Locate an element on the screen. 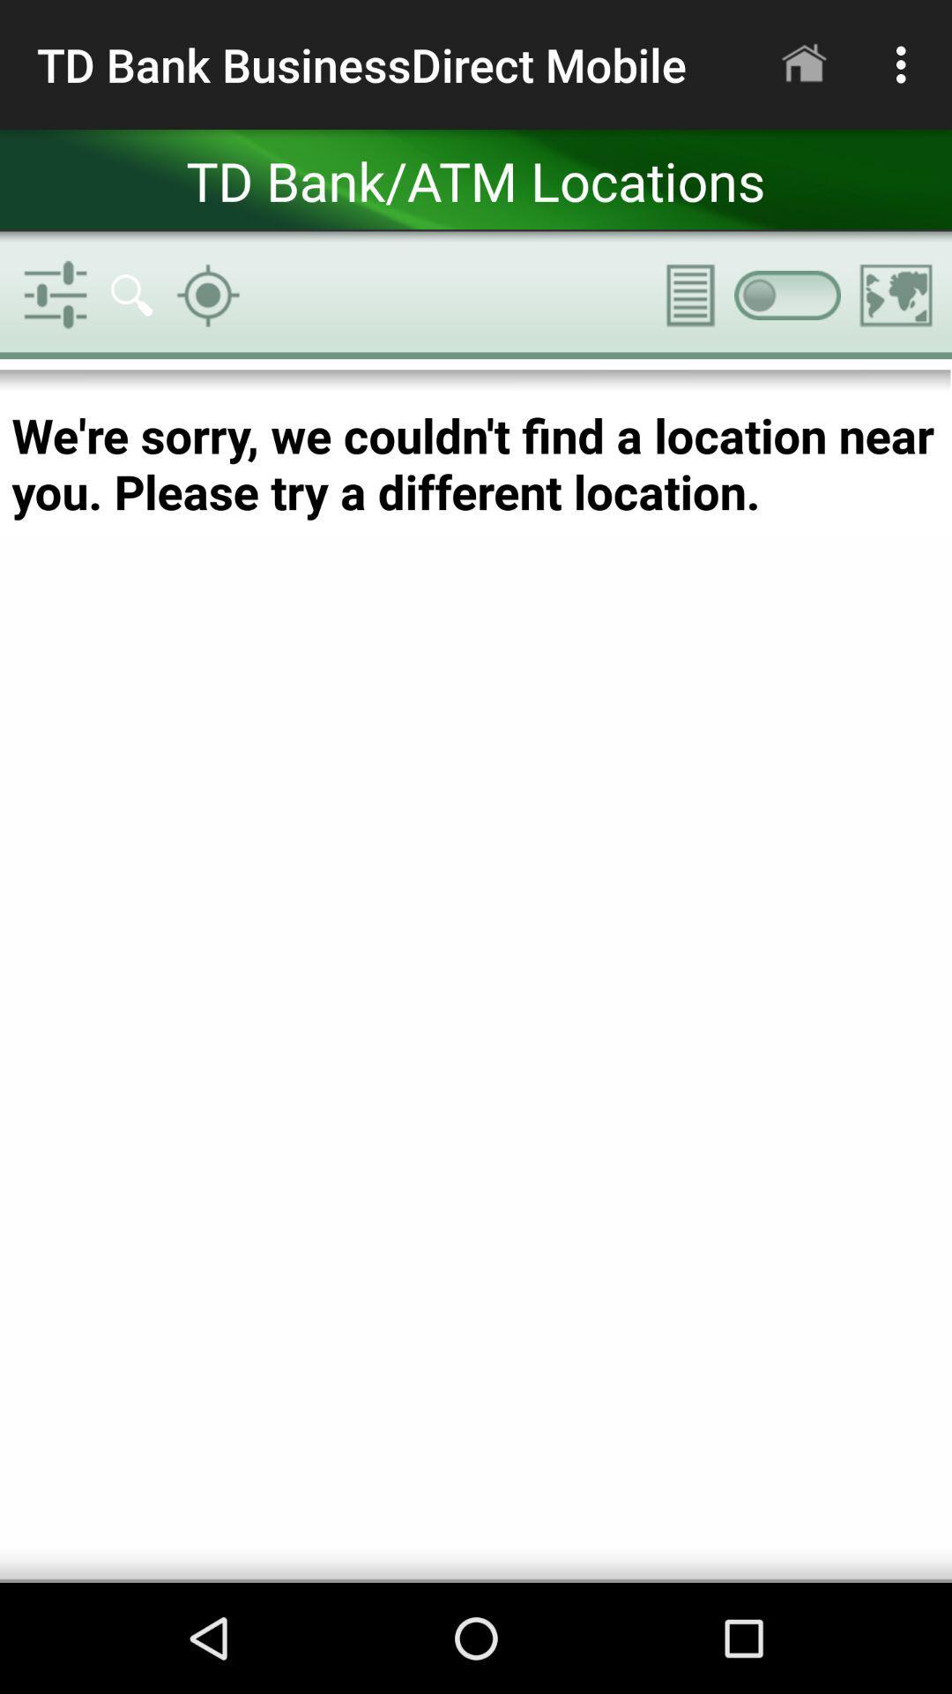  the location_crosshair icon is located at coordinates (207, 295).